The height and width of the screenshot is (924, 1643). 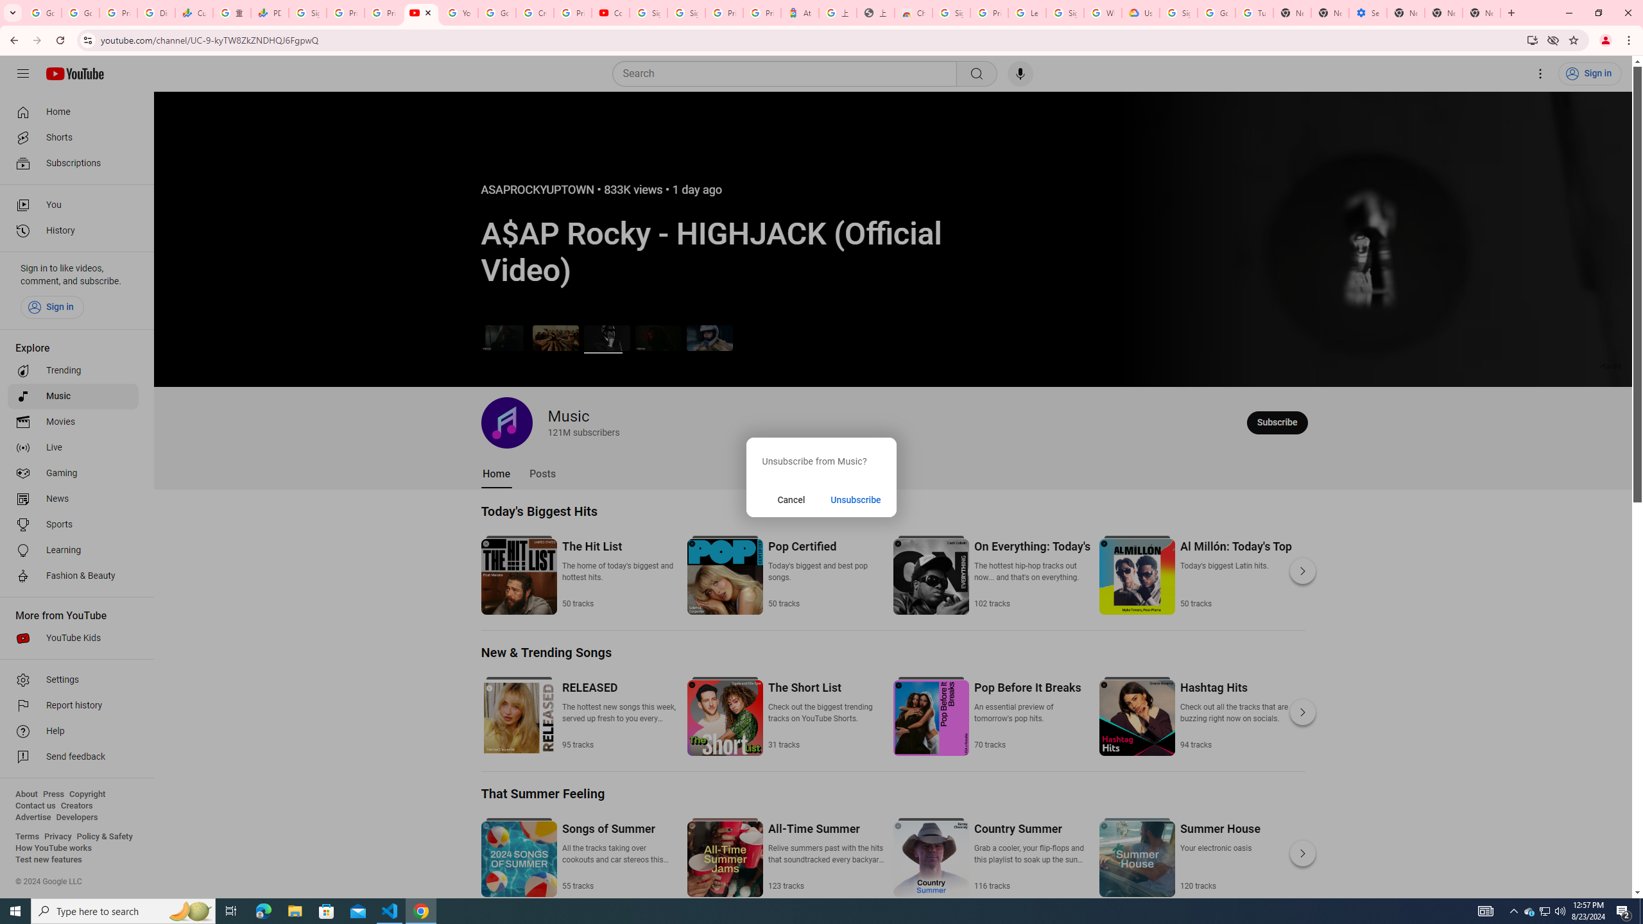 I want to click on 'Shorts', so click(x=73, y=137).